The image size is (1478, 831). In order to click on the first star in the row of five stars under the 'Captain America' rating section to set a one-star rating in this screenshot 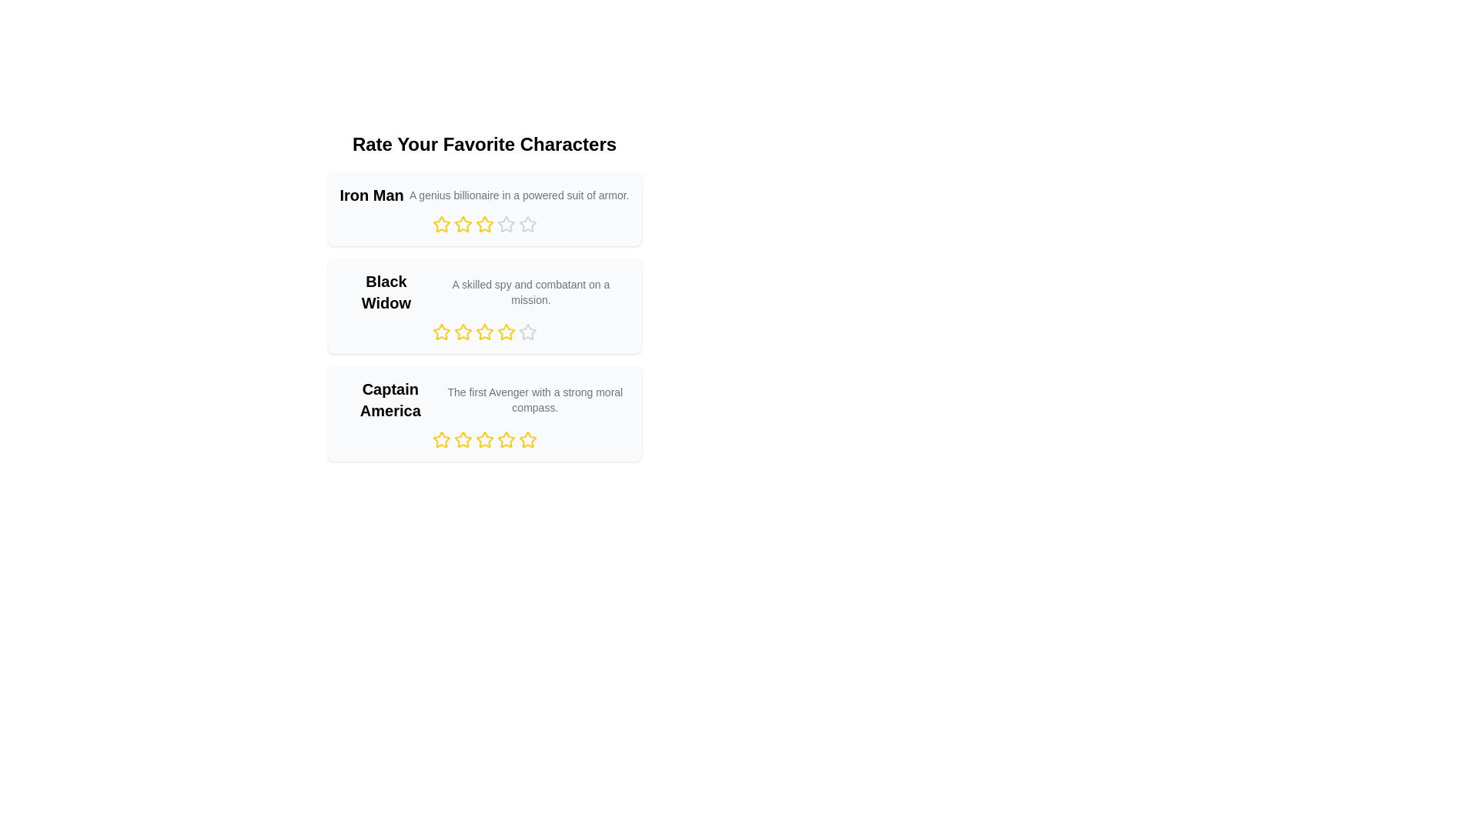, I will do `click(462, 439)`.